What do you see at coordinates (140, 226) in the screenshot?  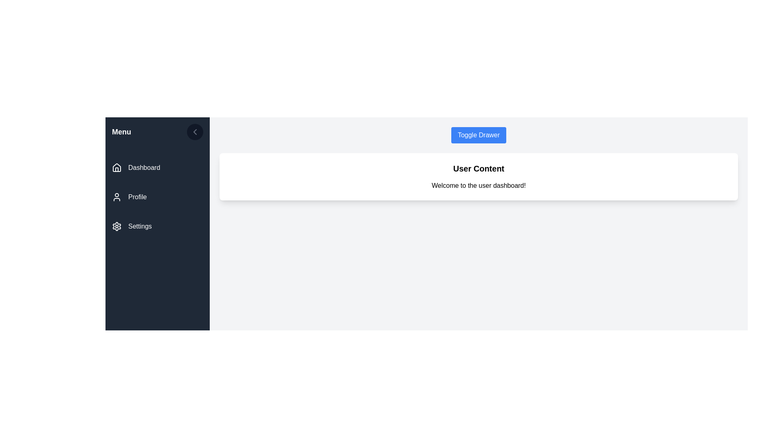 I see `text of the navigation label for the Settings section, located in the left navigation bar beneath the Profile label` at bounding box center [140, 226].